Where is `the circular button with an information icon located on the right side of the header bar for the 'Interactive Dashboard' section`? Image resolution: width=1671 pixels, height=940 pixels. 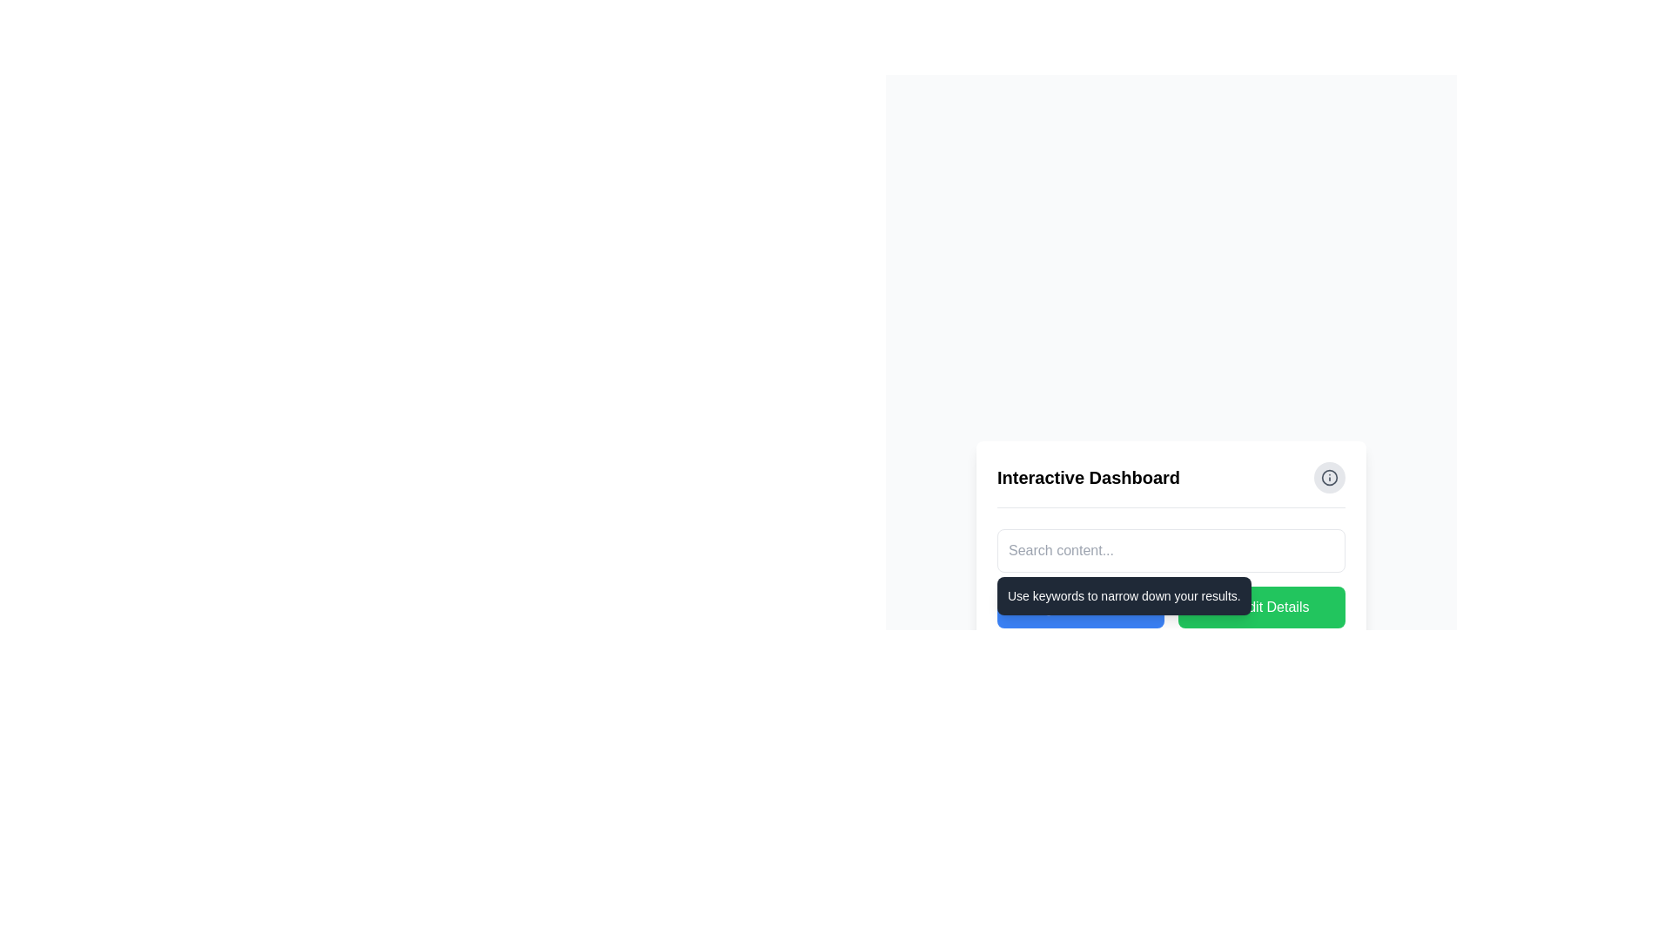 the circular button with an information icon located on the right side of the header bar for the 'Interactive Dashboard' section is located at coordinates (1328, 477).